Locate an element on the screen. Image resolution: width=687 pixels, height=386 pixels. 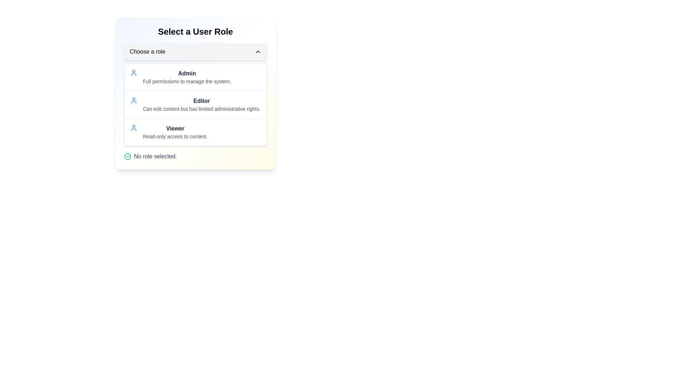
text description block that identifies the role option 'Admin' and describes its permissions 'Full permissions to manage the system', which is the first listed role in the user role selection interface is located at coordinates (187, 77).